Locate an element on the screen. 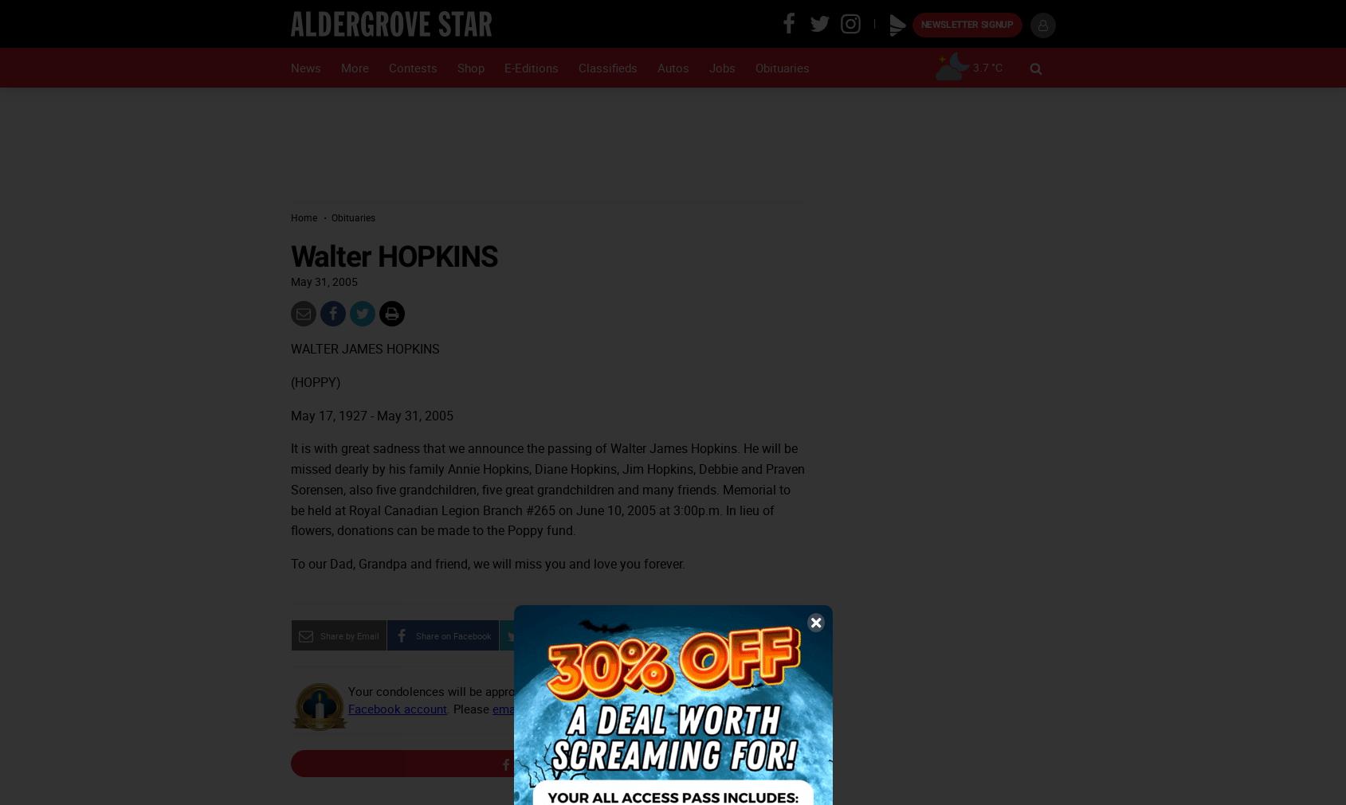 The image size is (1346, 805). 'E-Editions' is located at coordinates (530, 67).